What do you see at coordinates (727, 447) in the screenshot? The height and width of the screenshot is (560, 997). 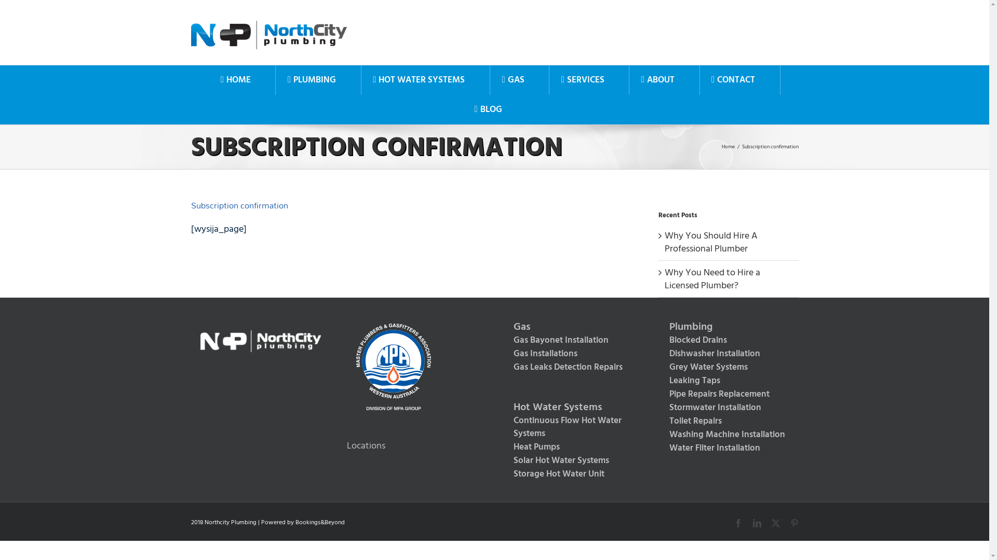 I see `'Water Filter Installation'` at bounding box center [727, 447].